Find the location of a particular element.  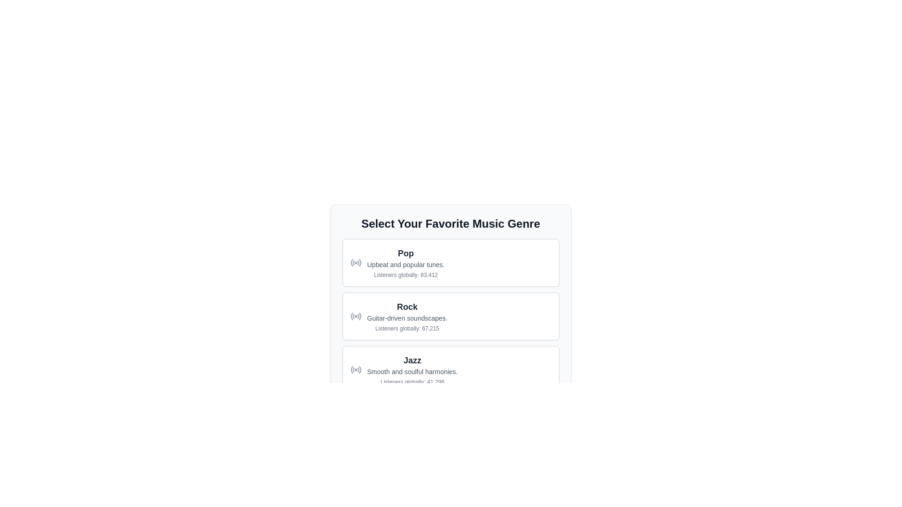

the text-based informational component displaying 'Pop' with the subtitle 'Upbeat and popular tunes.' and 'Listeners globally: 83,412' is located at coordinates (406, 262).